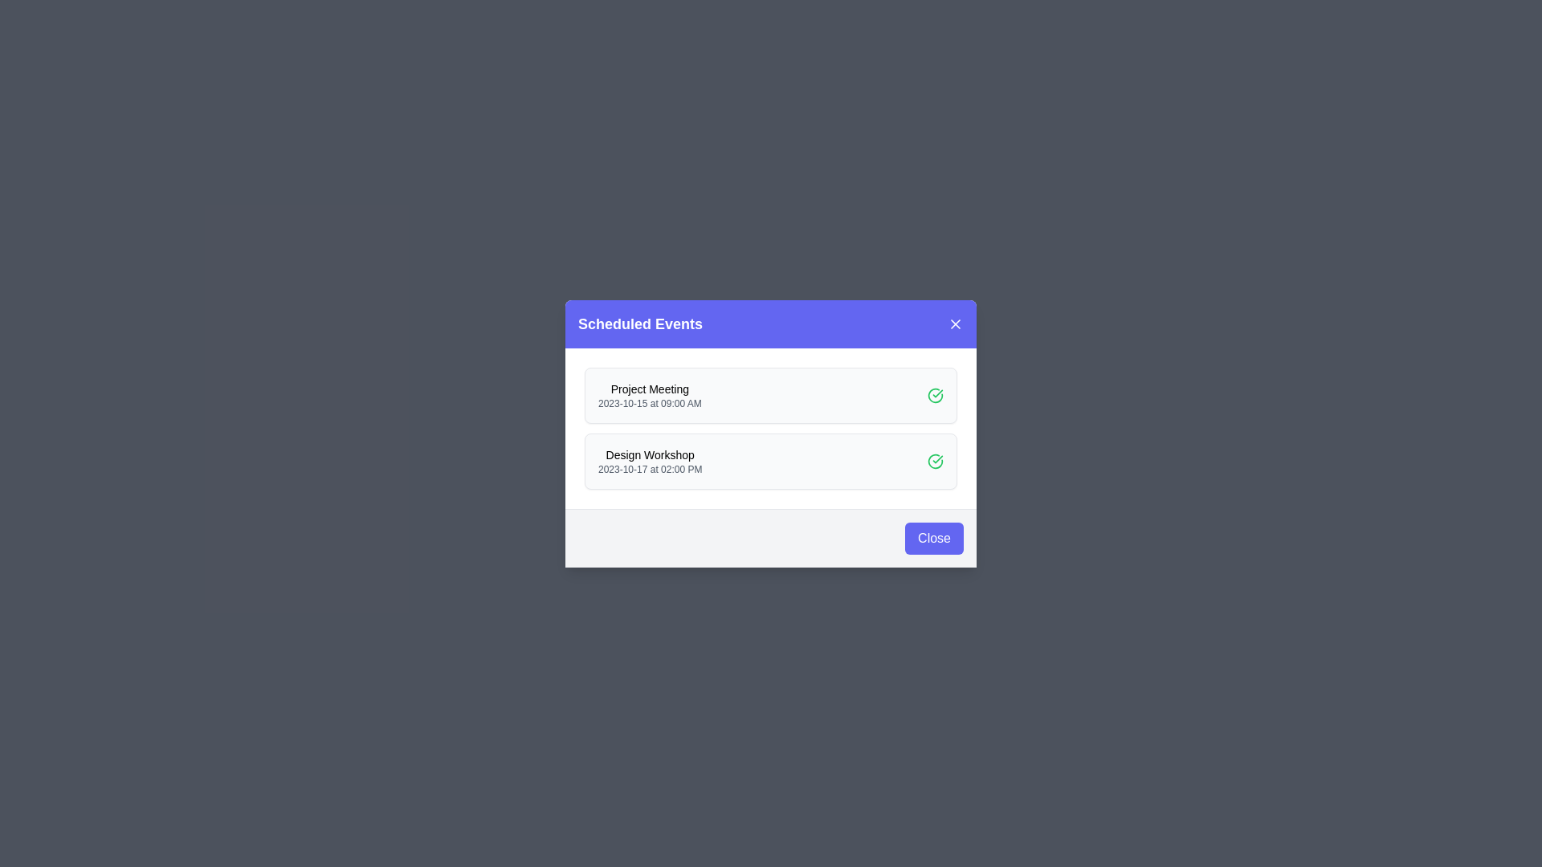 The width and height of the screenshot is (1542, 867). What do you see at coordinates (650, 461) in the screenshot?
I see `the Informative text element displaying 'Design Workshop' and '2023-10-17 at 02:00 PM' for detailed information` at bounding box center [650, 461].